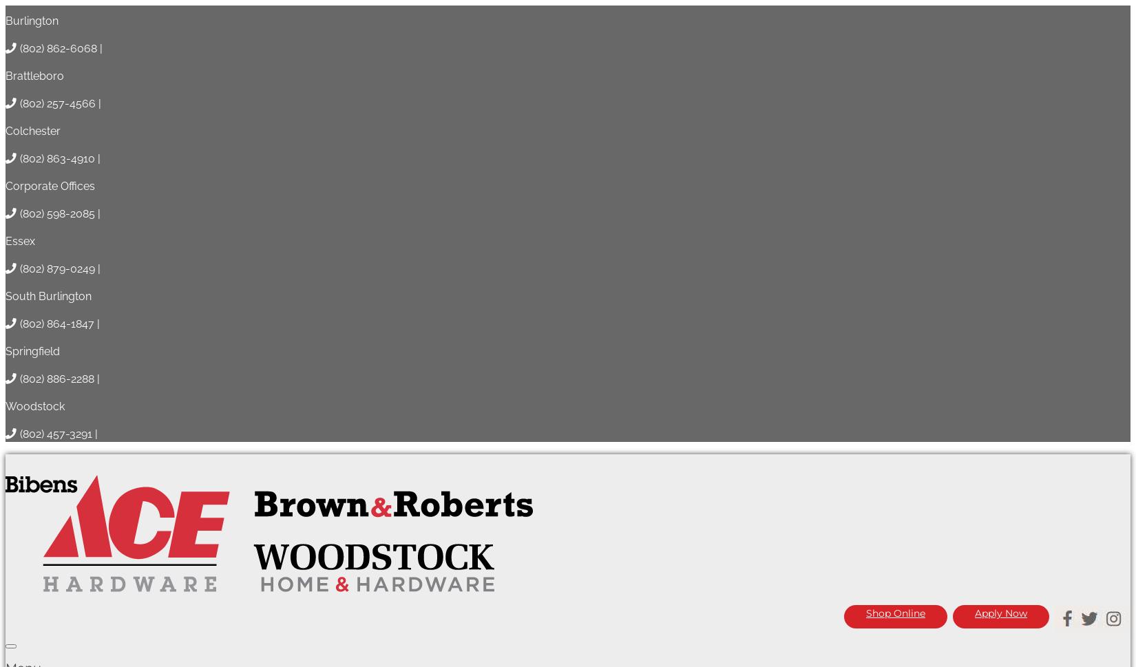  Describe the element at coordinates (325, 286) in the screenshot. I see `'Springfield'` at that location.